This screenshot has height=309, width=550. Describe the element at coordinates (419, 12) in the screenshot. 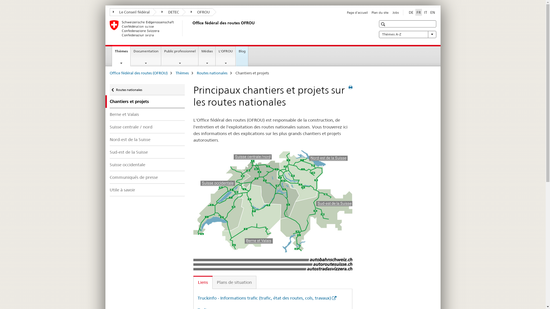

I see `'FR'` at that location.